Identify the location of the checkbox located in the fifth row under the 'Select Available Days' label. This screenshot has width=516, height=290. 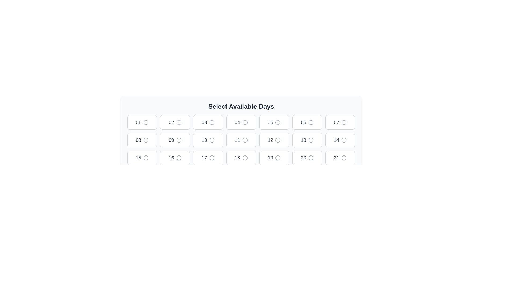
(311, 140).